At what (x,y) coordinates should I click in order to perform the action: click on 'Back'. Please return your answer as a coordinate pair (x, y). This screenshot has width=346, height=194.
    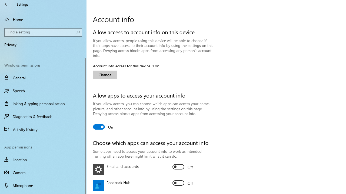
    Looking at the image, I should click on (6, 4).